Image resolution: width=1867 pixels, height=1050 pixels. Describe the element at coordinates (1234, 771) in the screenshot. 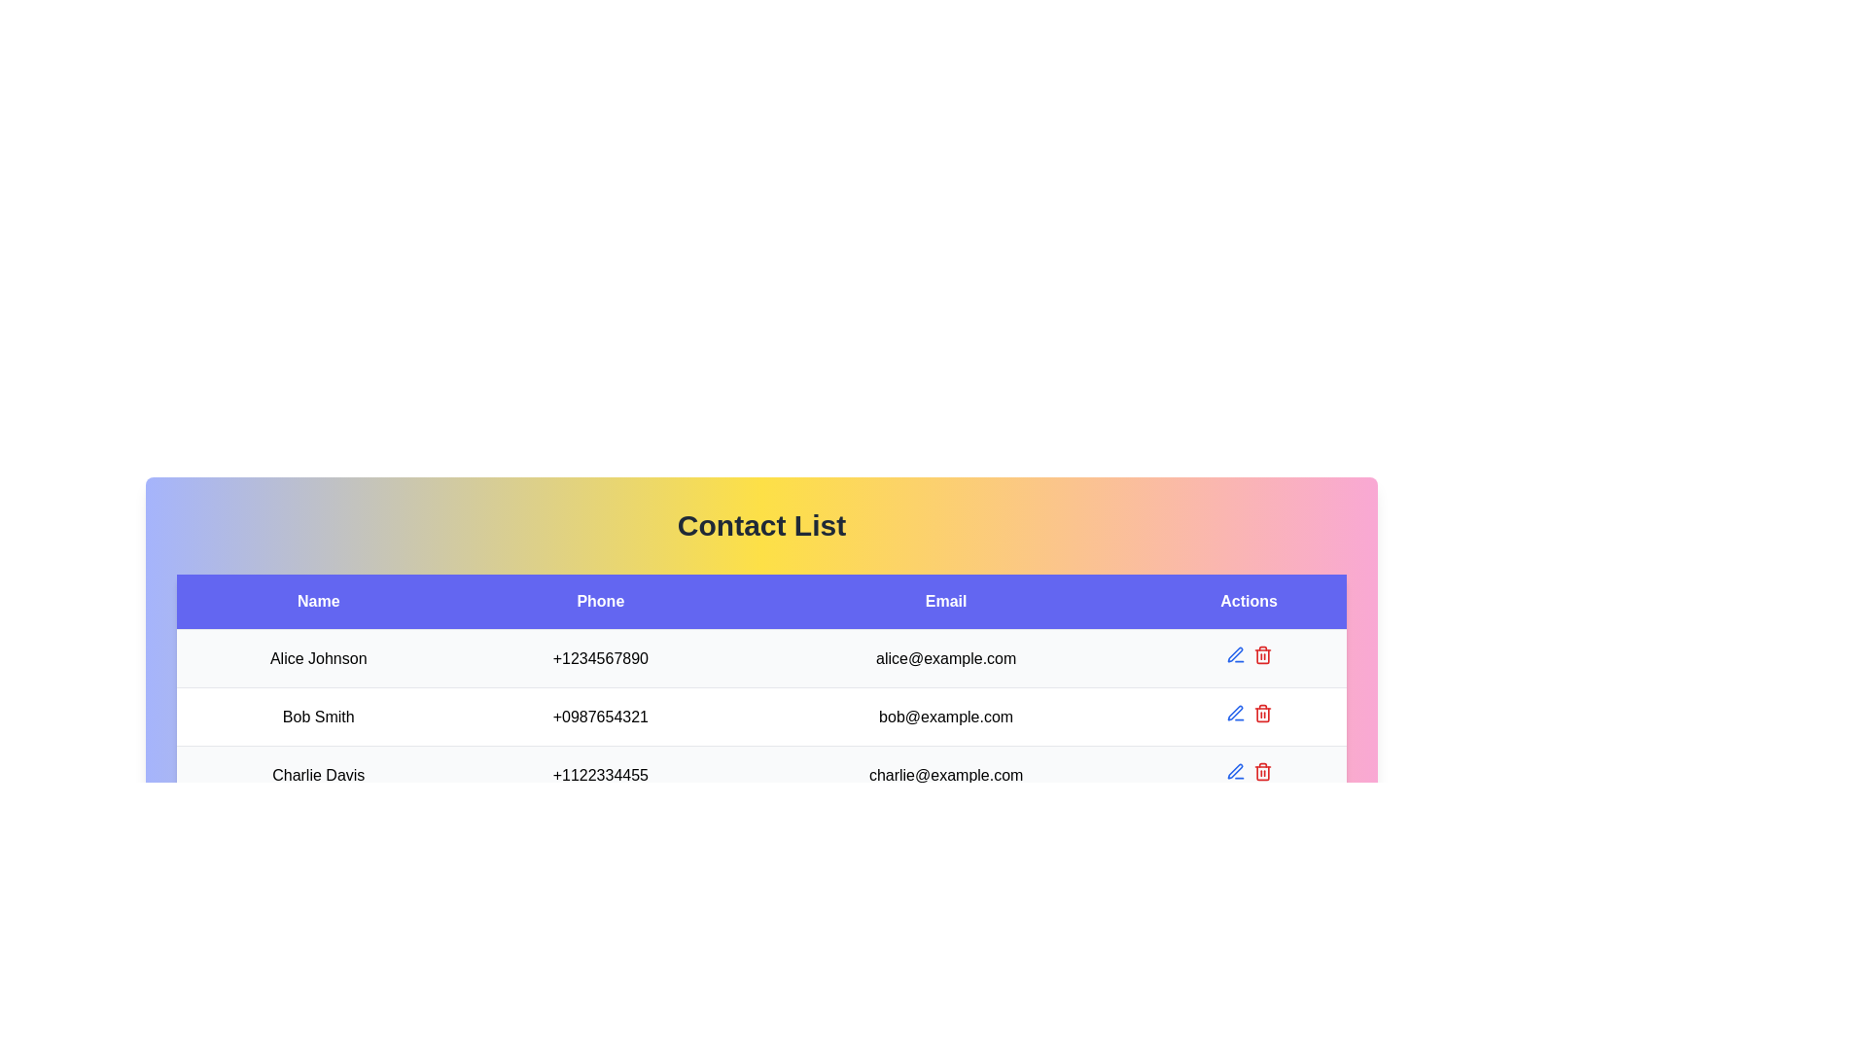

I see `the edit button located in the 'Actions' column of the row corresponding to 'Alice Johnson' in the table` at that location.